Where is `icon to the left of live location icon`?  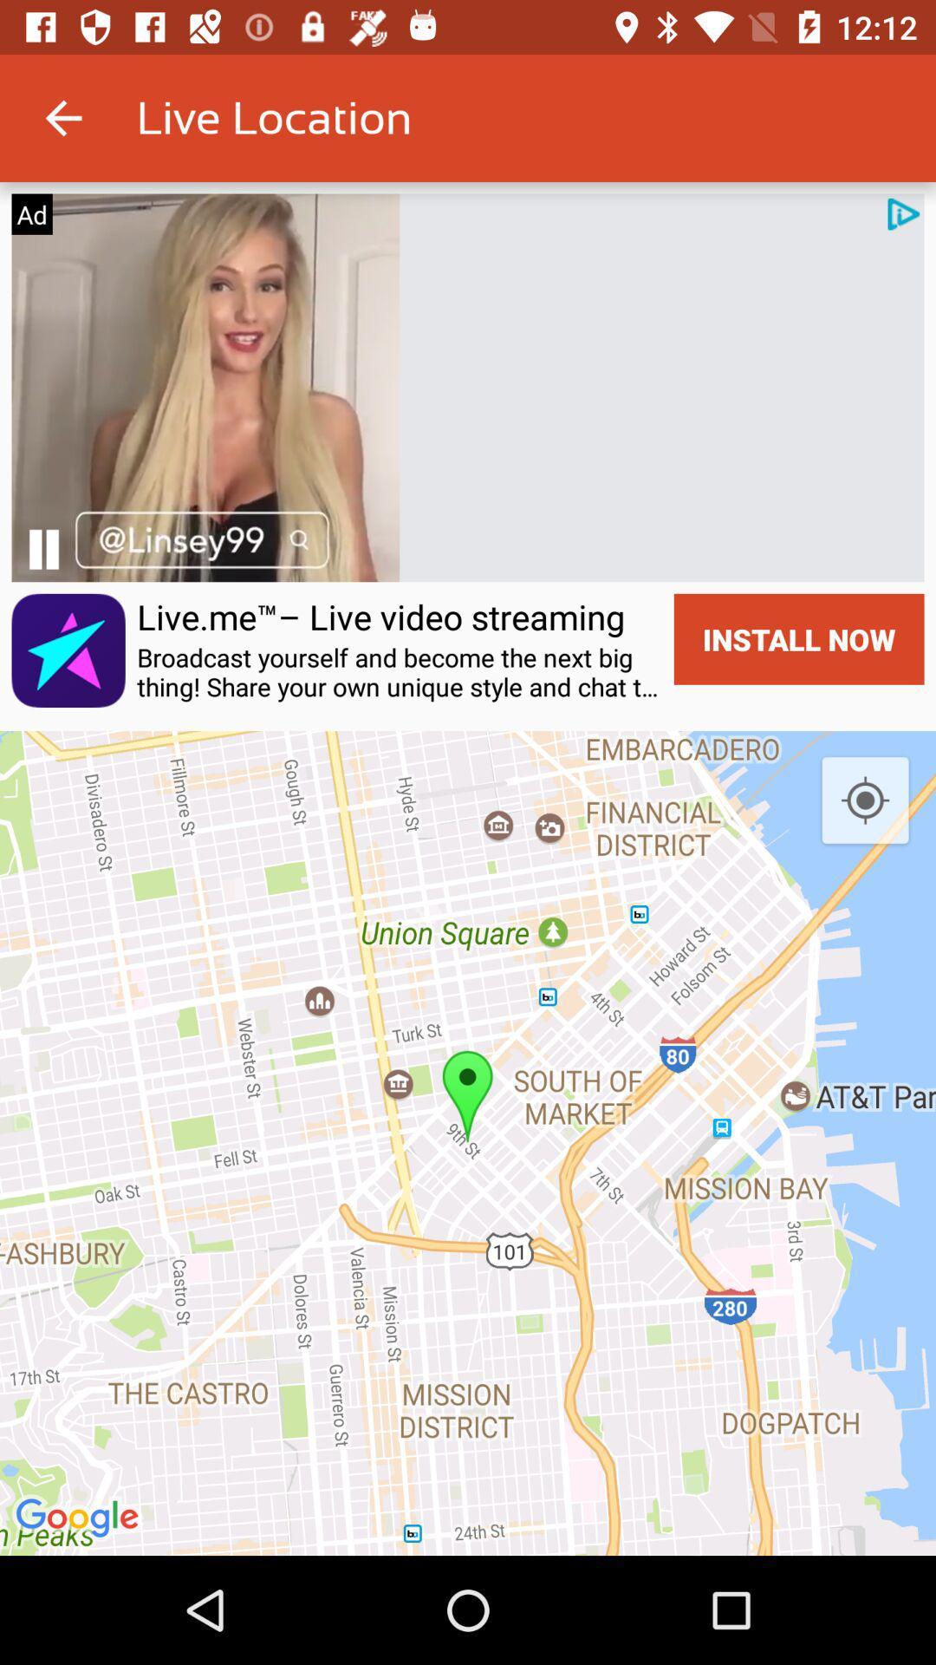 icon to the left of live location icon is located at coordinates (62, 117).